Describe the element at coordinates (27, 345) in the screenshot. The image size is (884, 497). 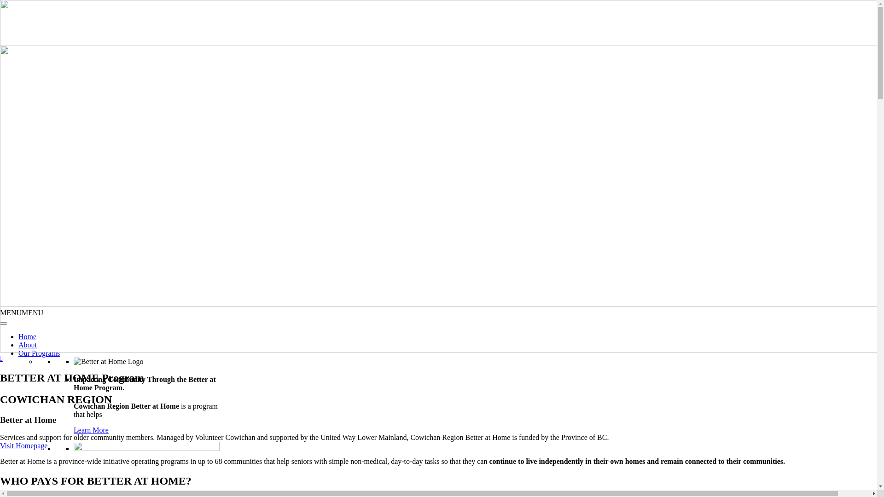
I see `'About'` at that location.